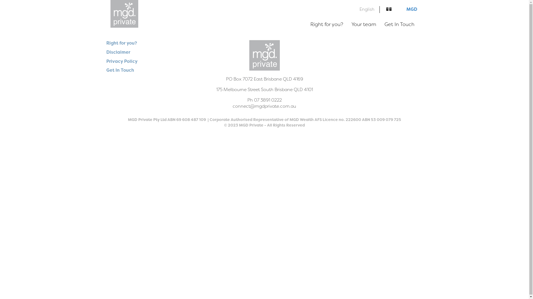 Image resolution: width=533 pixels, height=299 pixels. Describe the element at coordinates (268, 100) in the screenshot. I see `'07 3891 0222'` at that location.